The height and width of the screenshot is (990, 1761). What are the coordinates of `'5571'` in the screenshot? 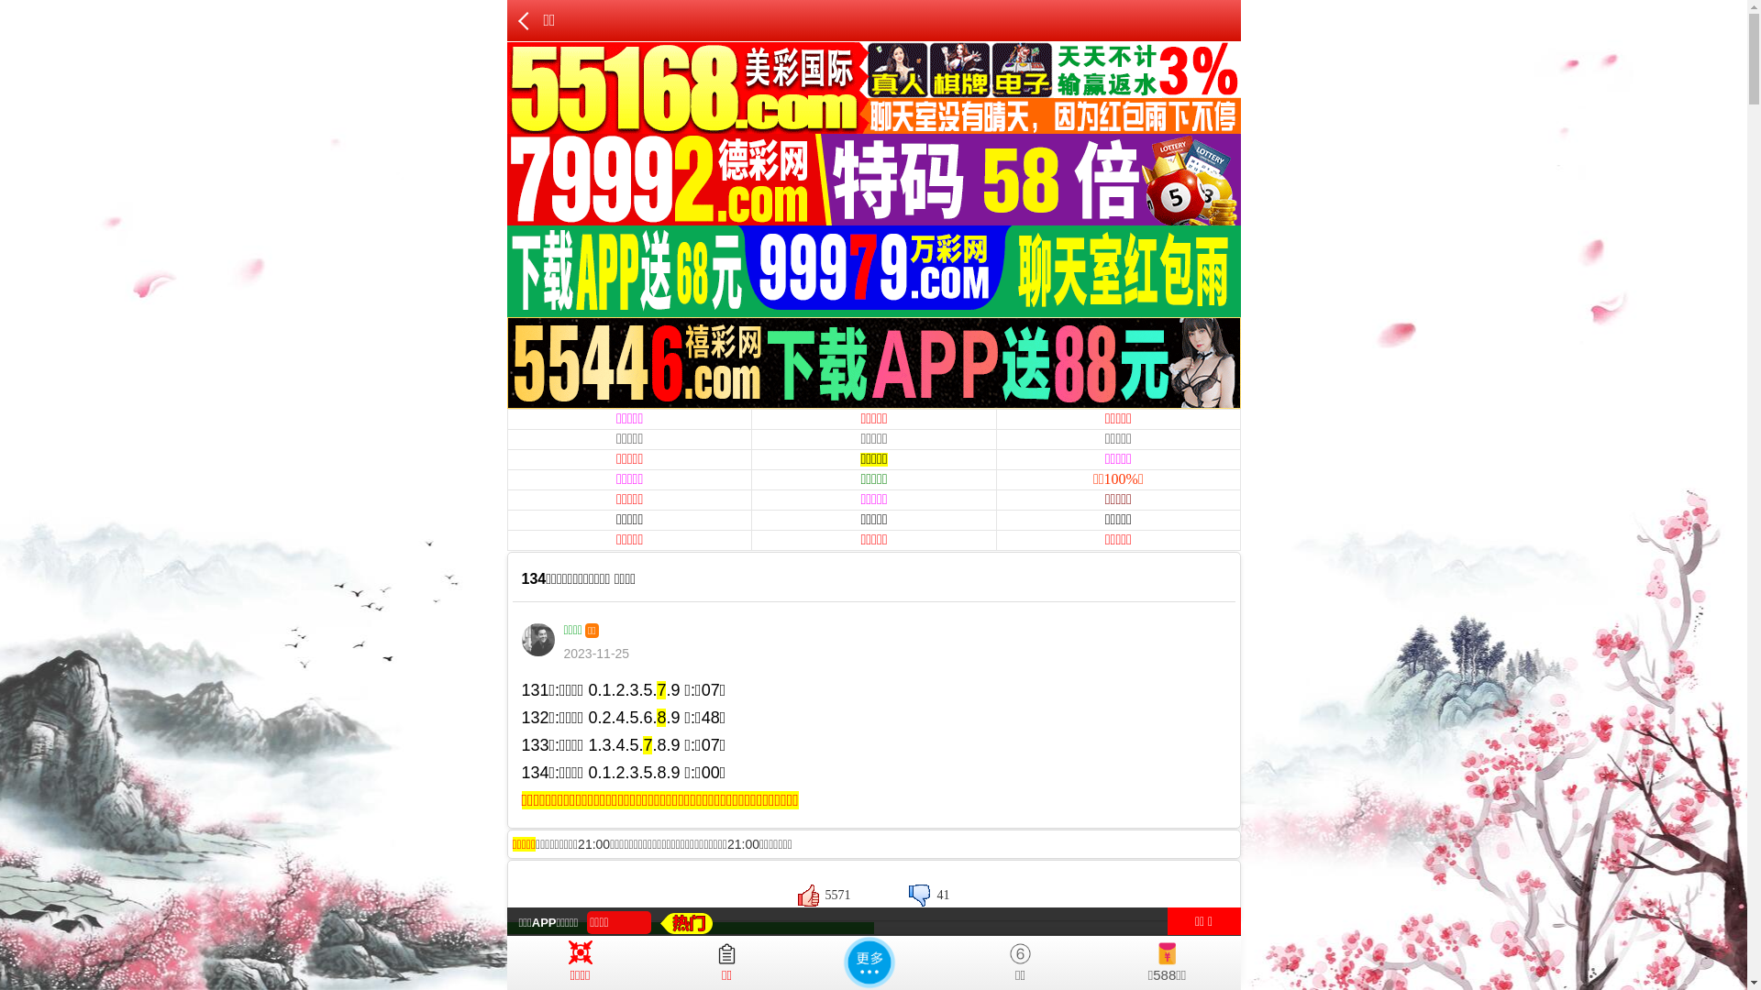 It's located at (797, 894).